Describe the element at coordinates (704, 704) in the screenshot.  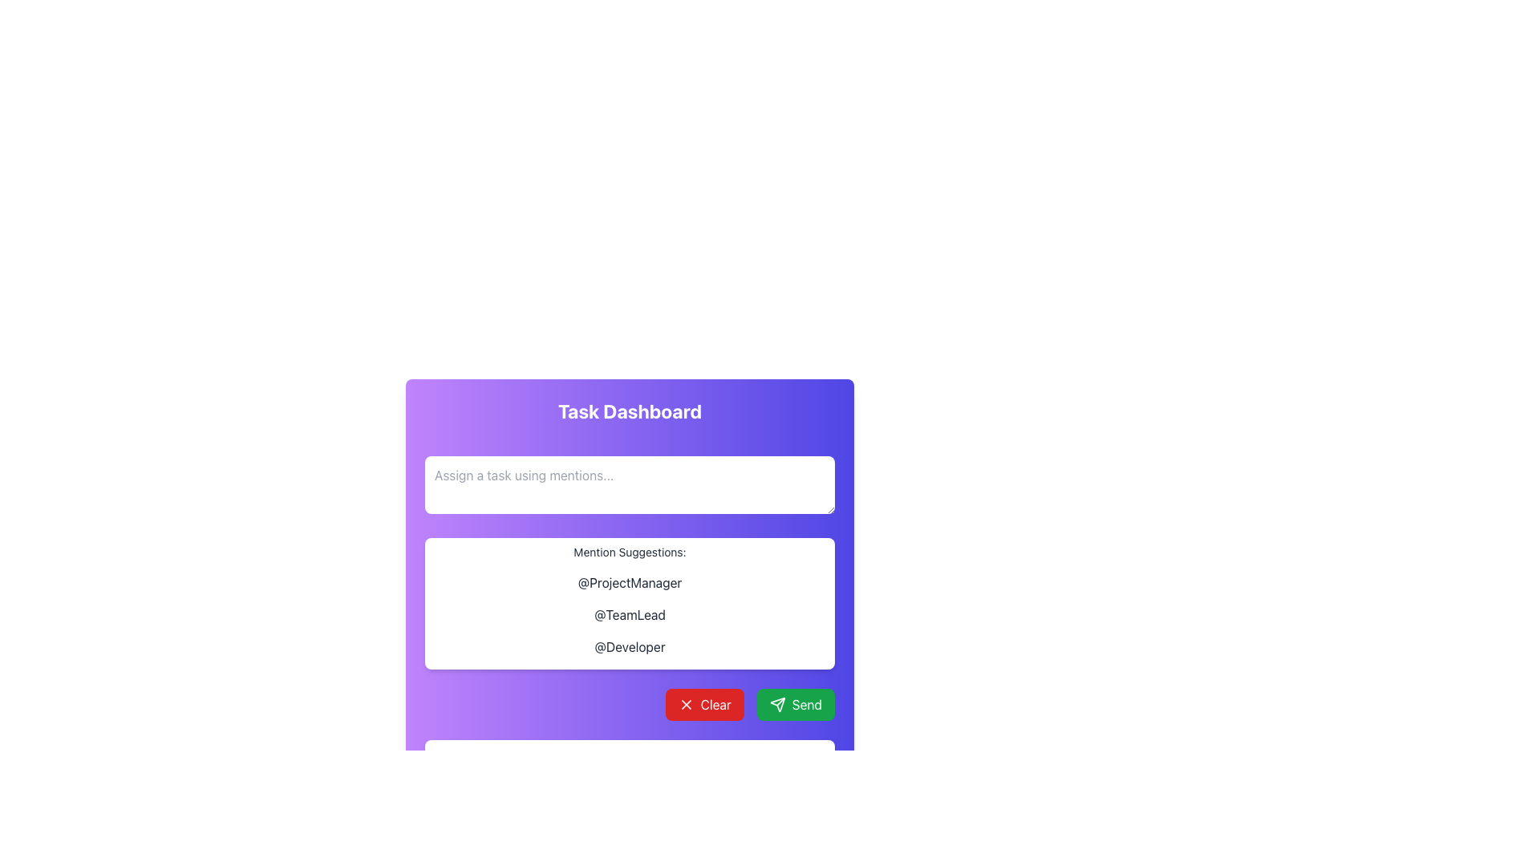
I see `the prominent red 'Clear' button with an 'X' icon located in the bottom-left corner of the two-button group` at that location.